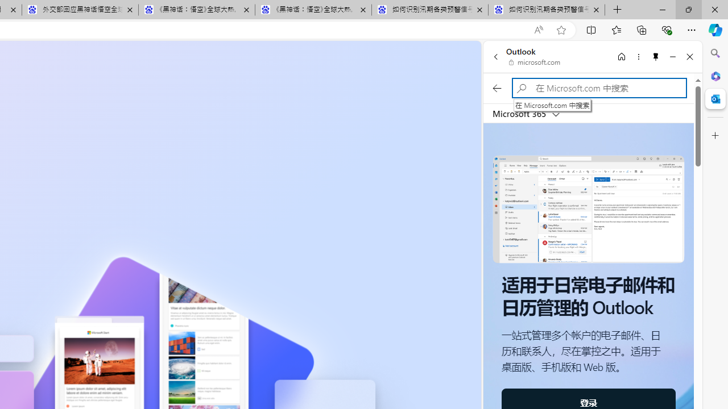  What do you see at coordinates (672, 56) in the screenshot?
I see `'Minimize'` at bounding box center [672, 56].